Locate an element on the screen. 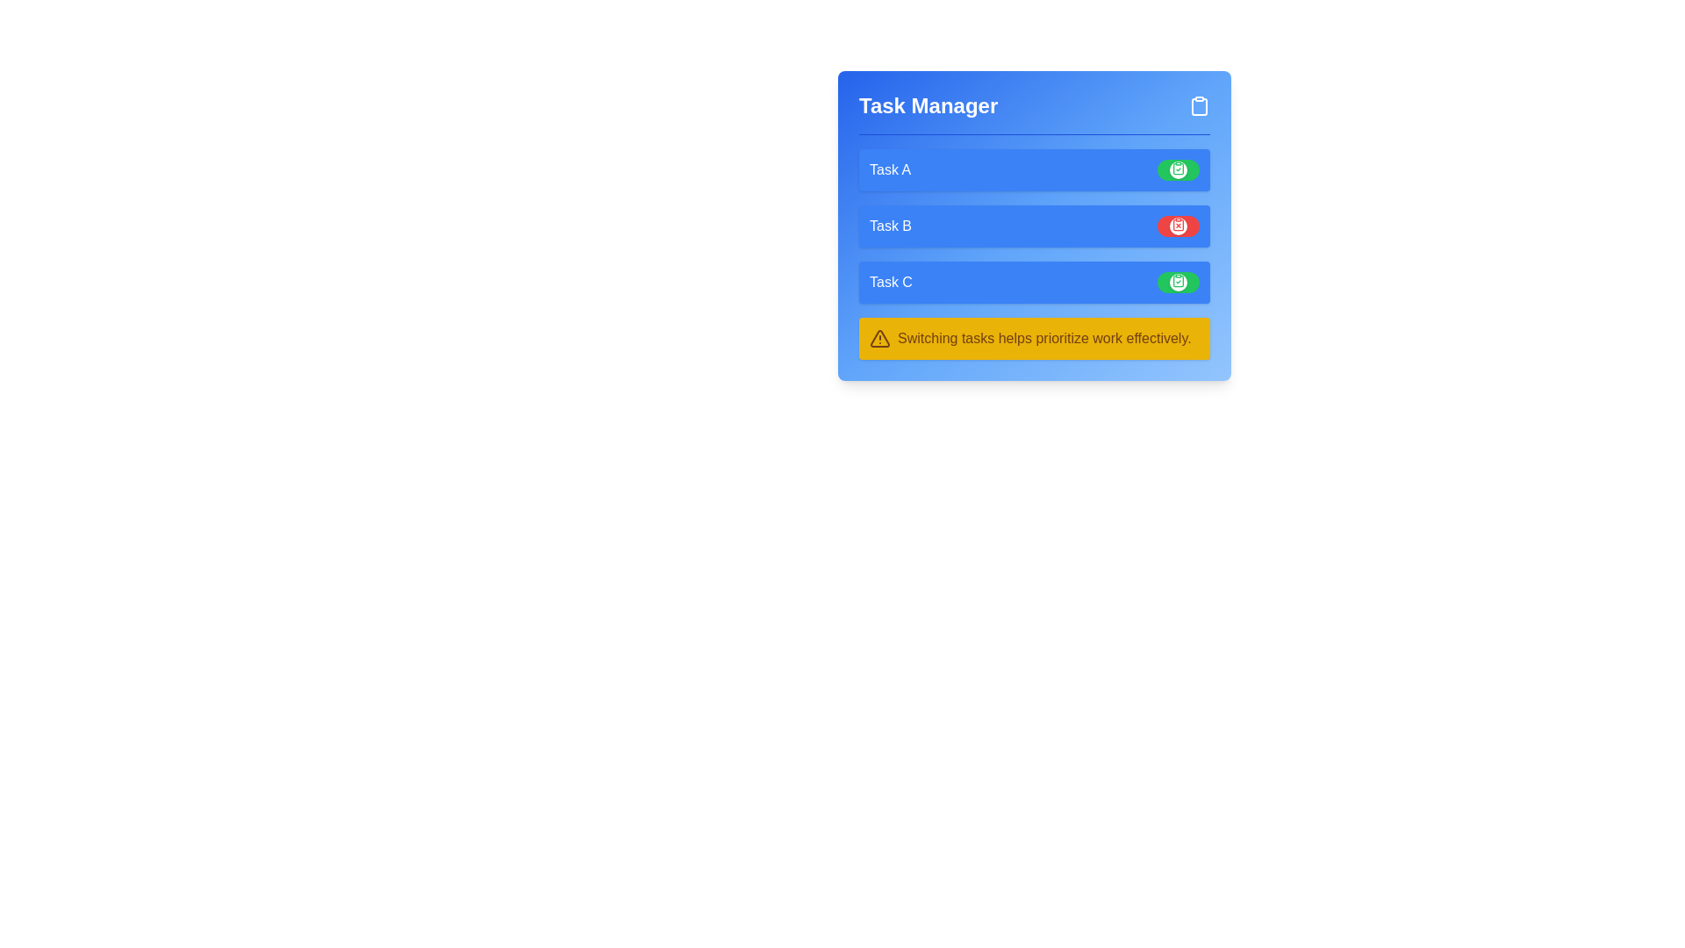  the toggle switch with a green background and a white circular handle, located to the right of the 'Task A' label is located at coordinates (1179, 169).